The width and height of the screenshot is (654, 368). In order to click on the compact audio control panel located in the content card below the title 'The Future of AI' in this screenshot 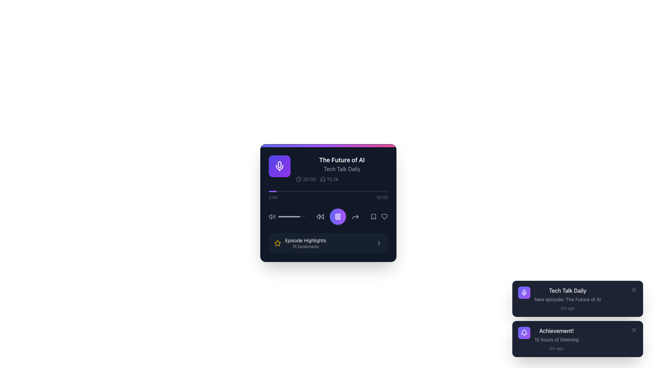, I will do `click(328, 217)`.